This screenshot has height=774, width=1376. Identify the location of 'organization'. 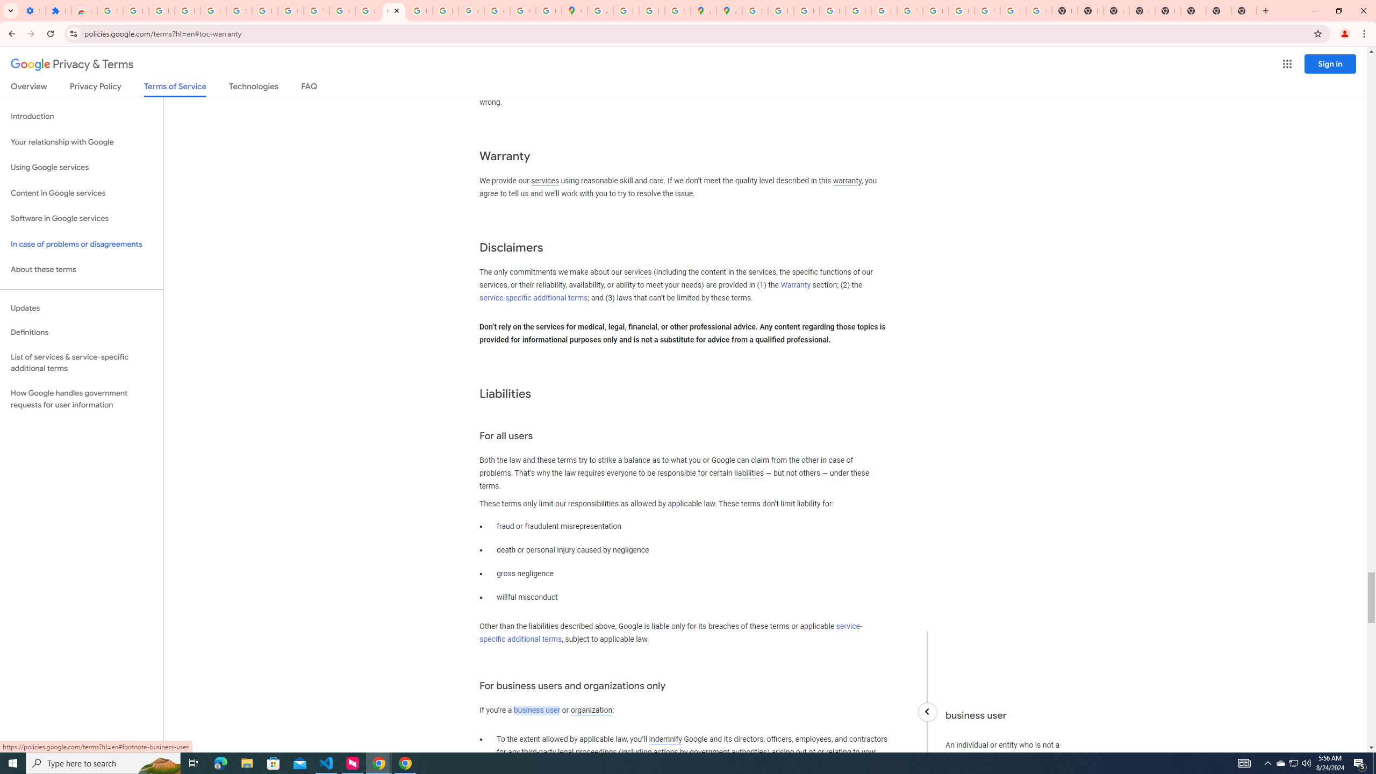
(590, 710).